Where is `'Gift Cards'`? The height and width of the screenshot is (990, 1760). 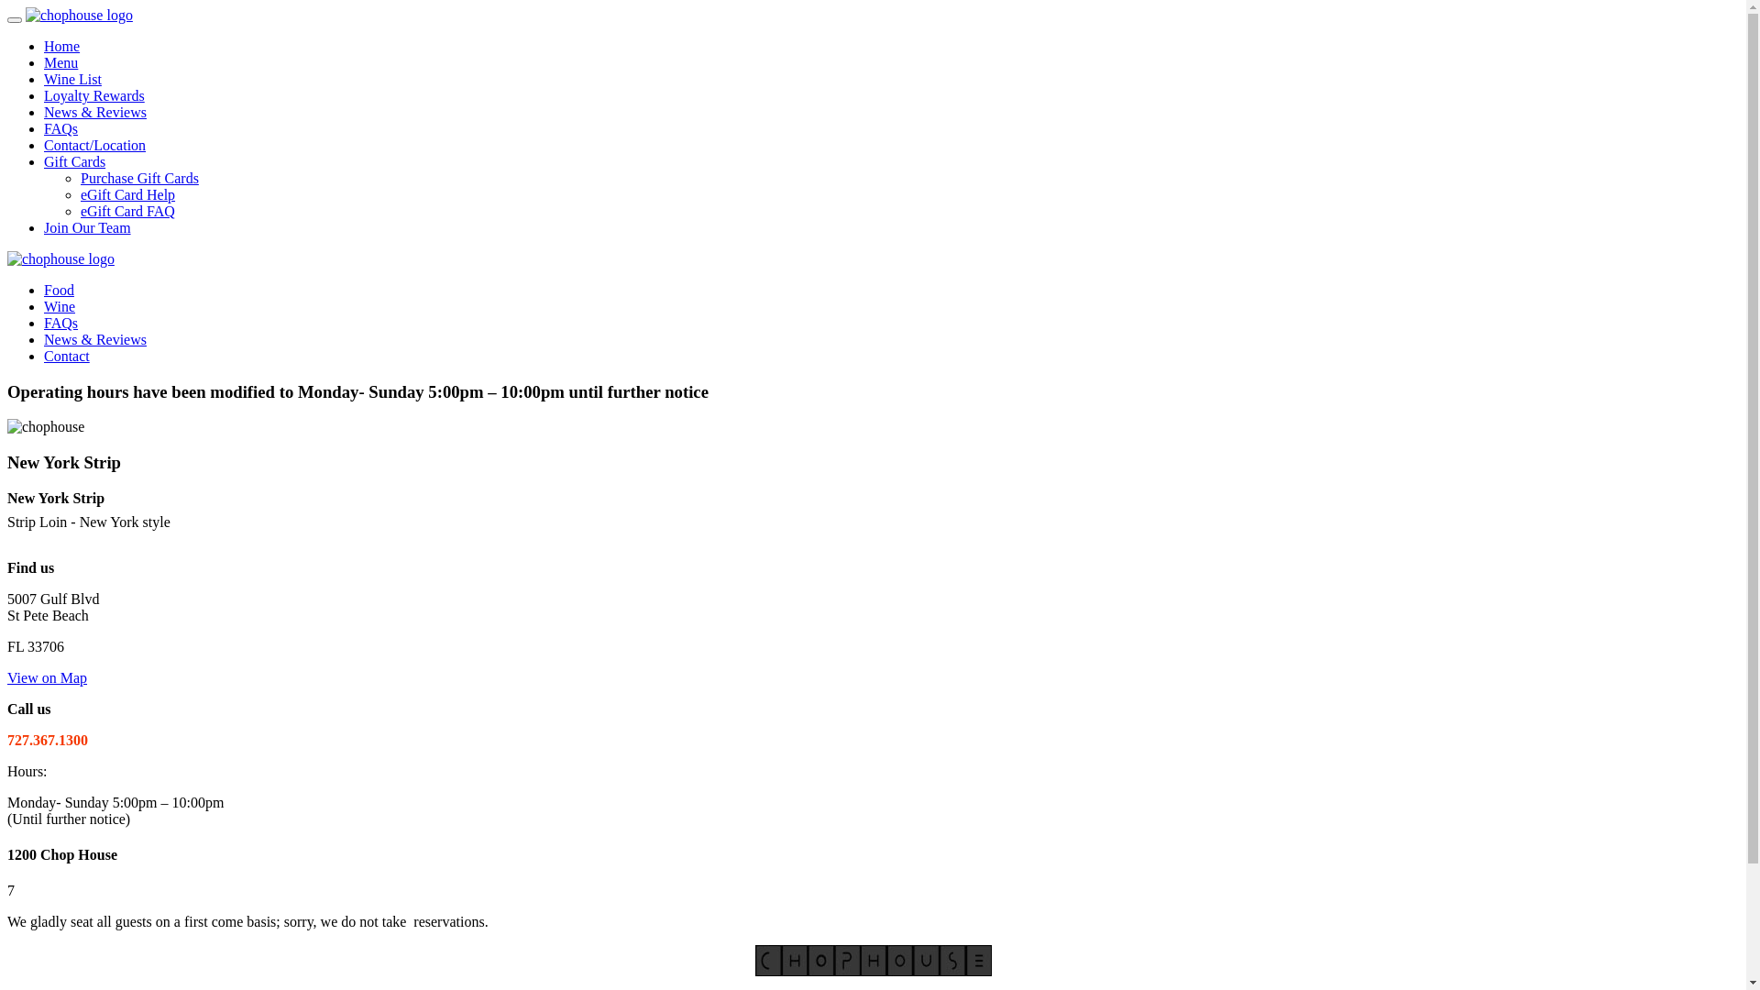
'Gift Cards' is located at coordinates (44, 160).